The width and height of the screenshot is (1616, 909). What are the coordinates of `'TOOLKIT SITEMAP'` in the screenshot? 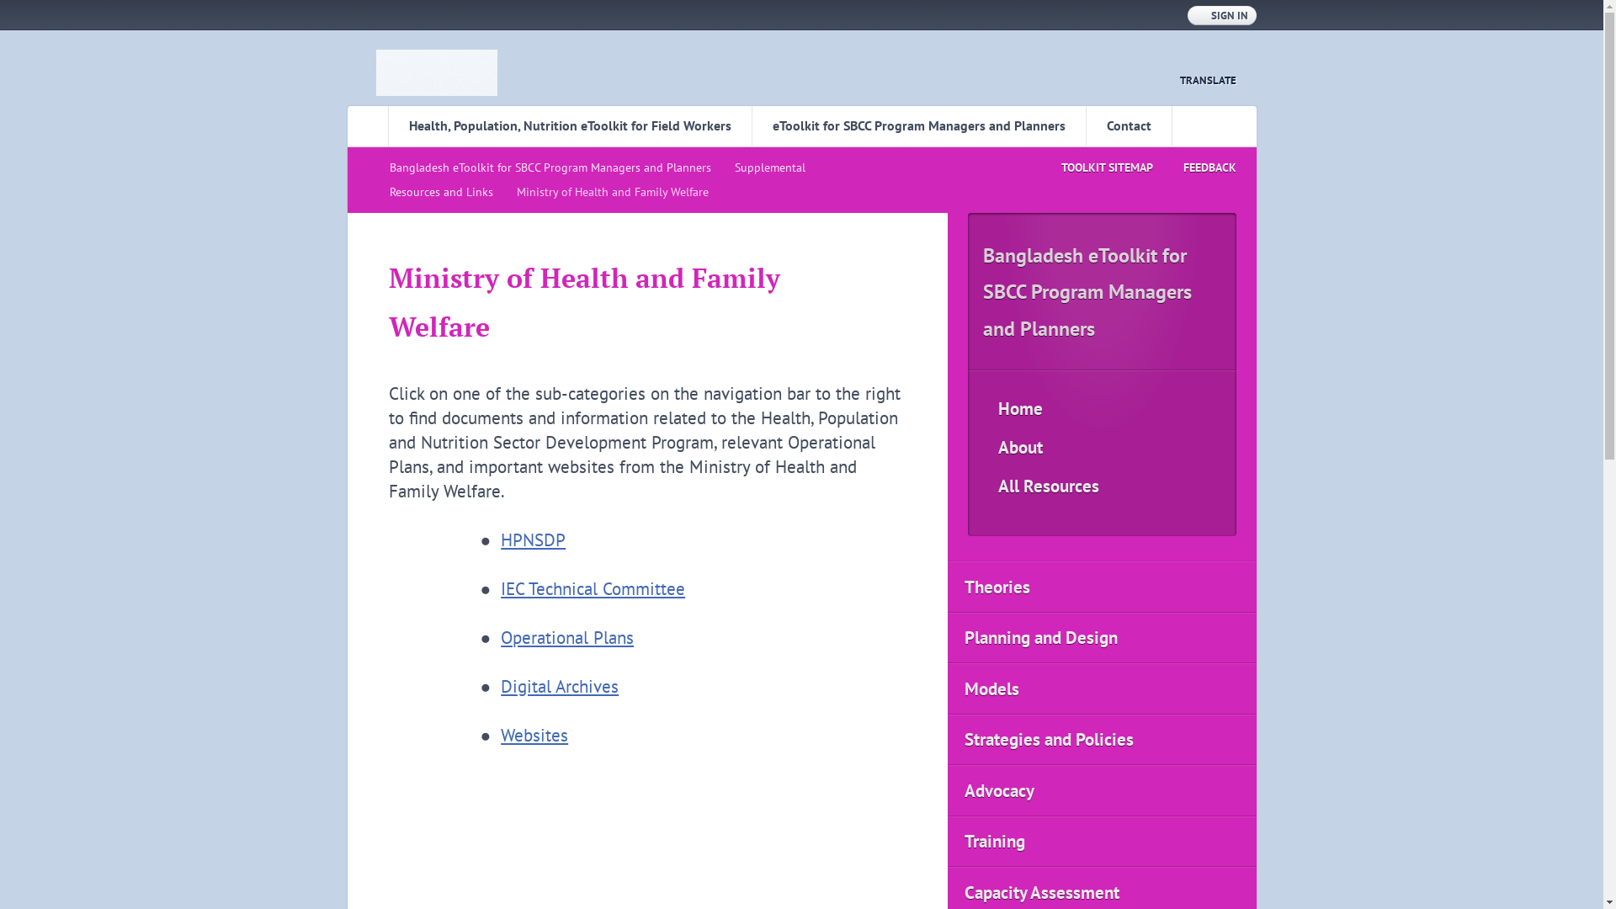 It's located at (1091, 167).